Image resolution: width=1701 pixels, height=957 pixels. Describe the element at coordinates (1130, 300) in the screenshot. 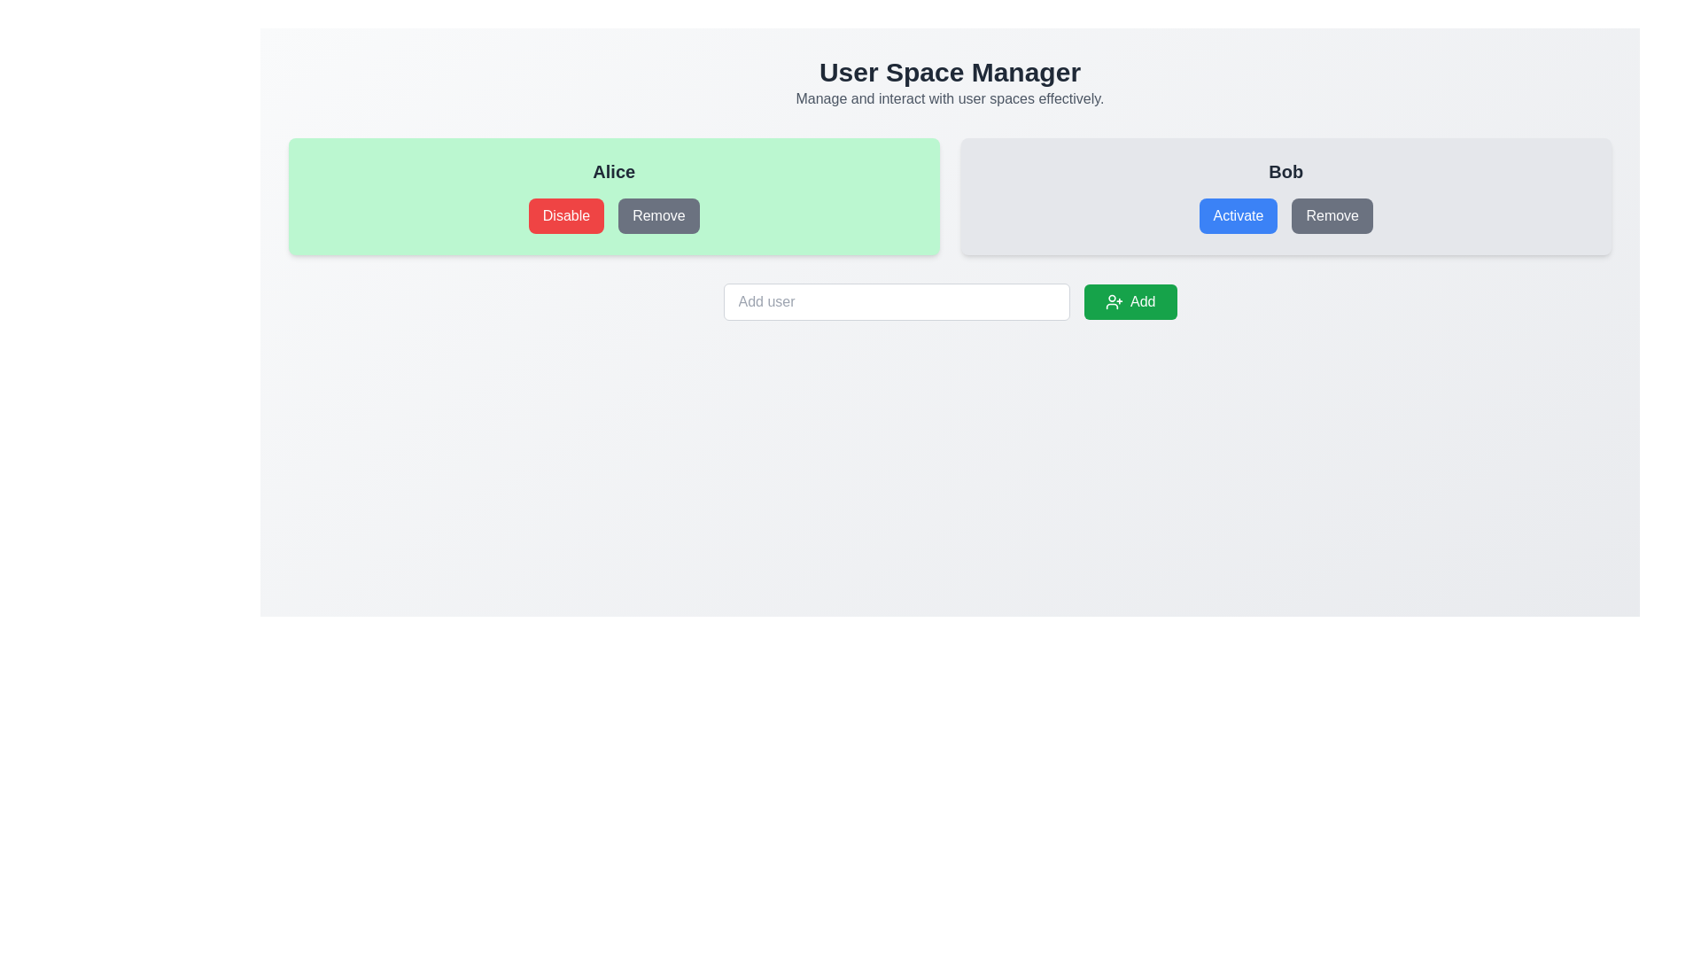

I see `the green 'Add' button with a user icon to activate visual feedback` at that location.